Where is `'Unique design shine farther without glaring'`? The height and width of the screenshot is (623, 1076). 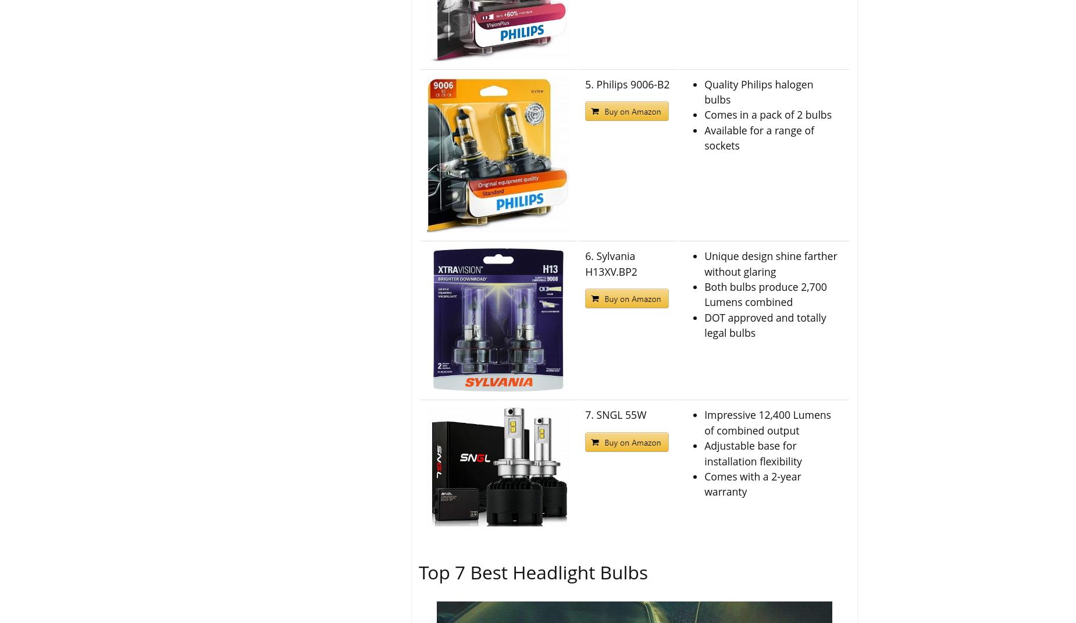 'Unique design shine farther without glaring' is located at coordinates (704, 264).